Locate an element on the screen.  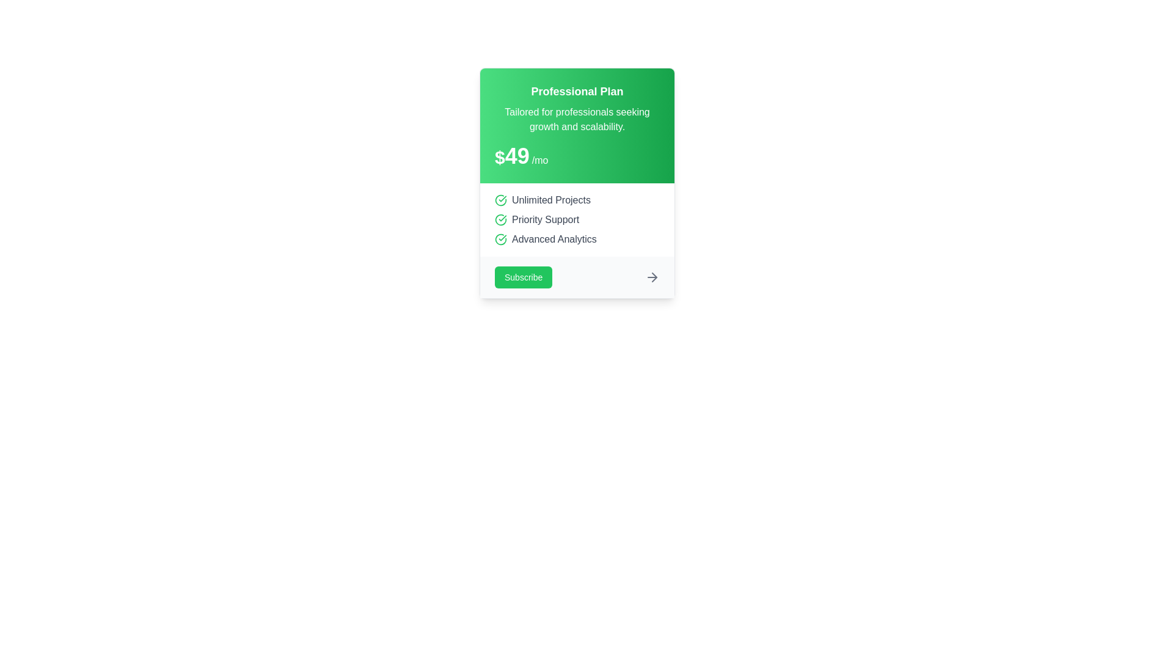
the subscription button located at the bottom-left of its card layout to initiate the subscription action is located at coordinates (524, 277).